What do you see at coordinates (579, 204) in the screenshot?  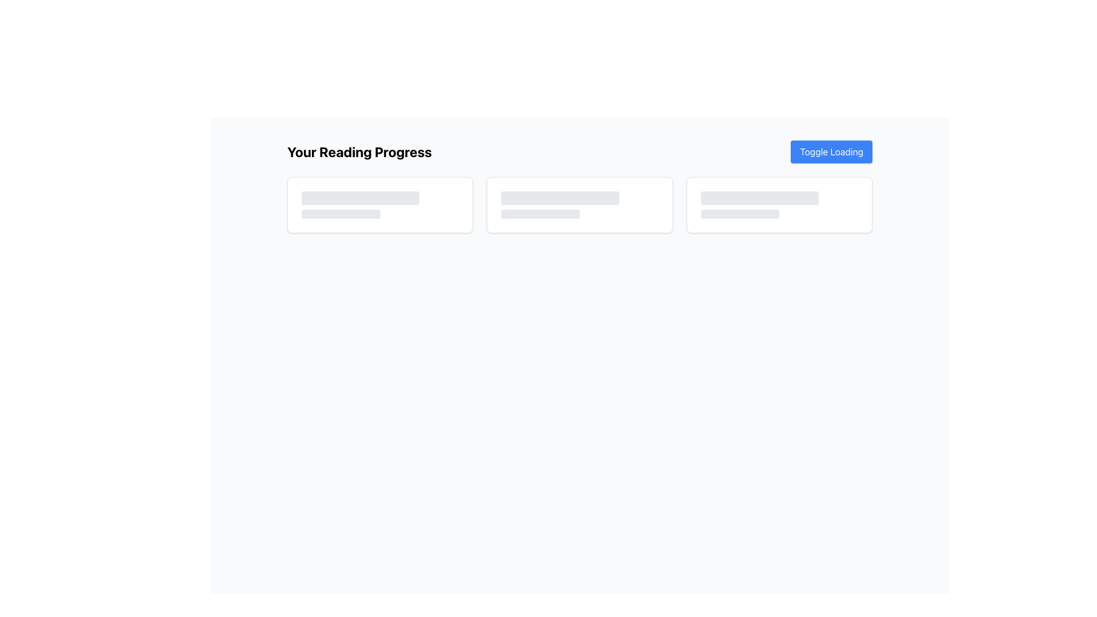 I see `the loading indicator component, which consists of two stacked rectangular blocks with a gray rounded design, positioned centrally within the middle card of three horizontally aligned cards` at bounding box center [579, 204].